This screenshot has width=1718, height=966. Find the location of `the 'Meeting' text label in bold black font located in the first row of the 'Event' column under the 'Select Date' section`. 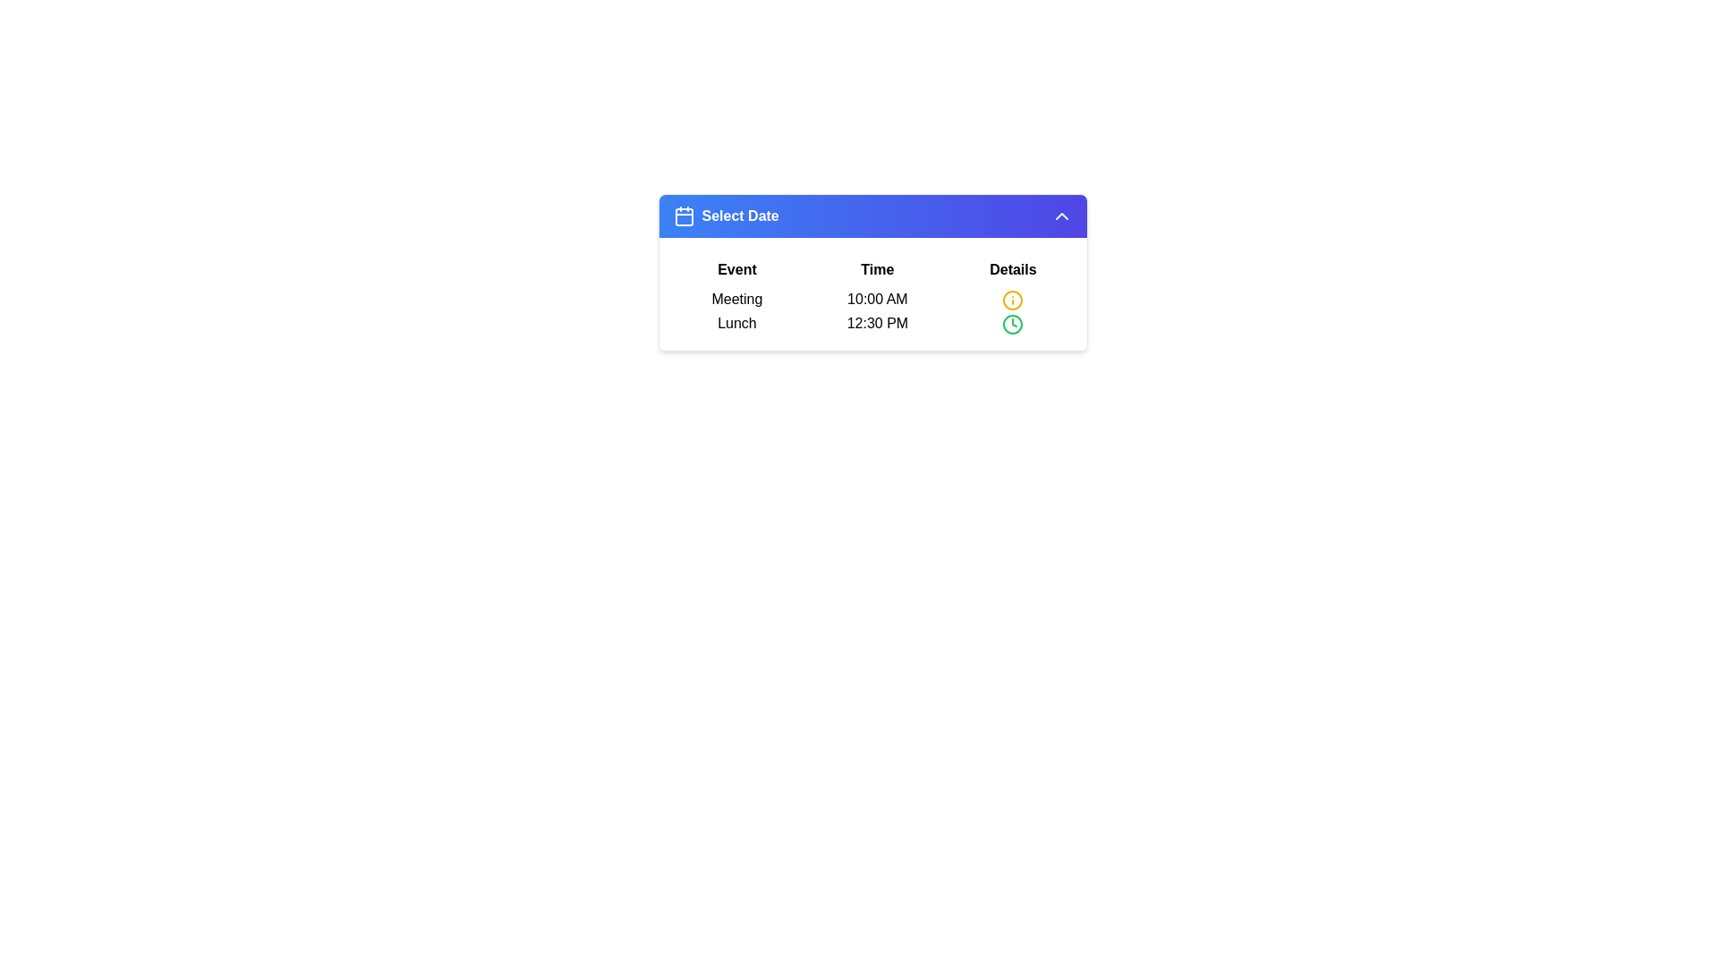

the 'Meeting' text label in bold black font located in the first row of the 'Event' column under the 'Select Date' section is located at coordinates (736, 299).